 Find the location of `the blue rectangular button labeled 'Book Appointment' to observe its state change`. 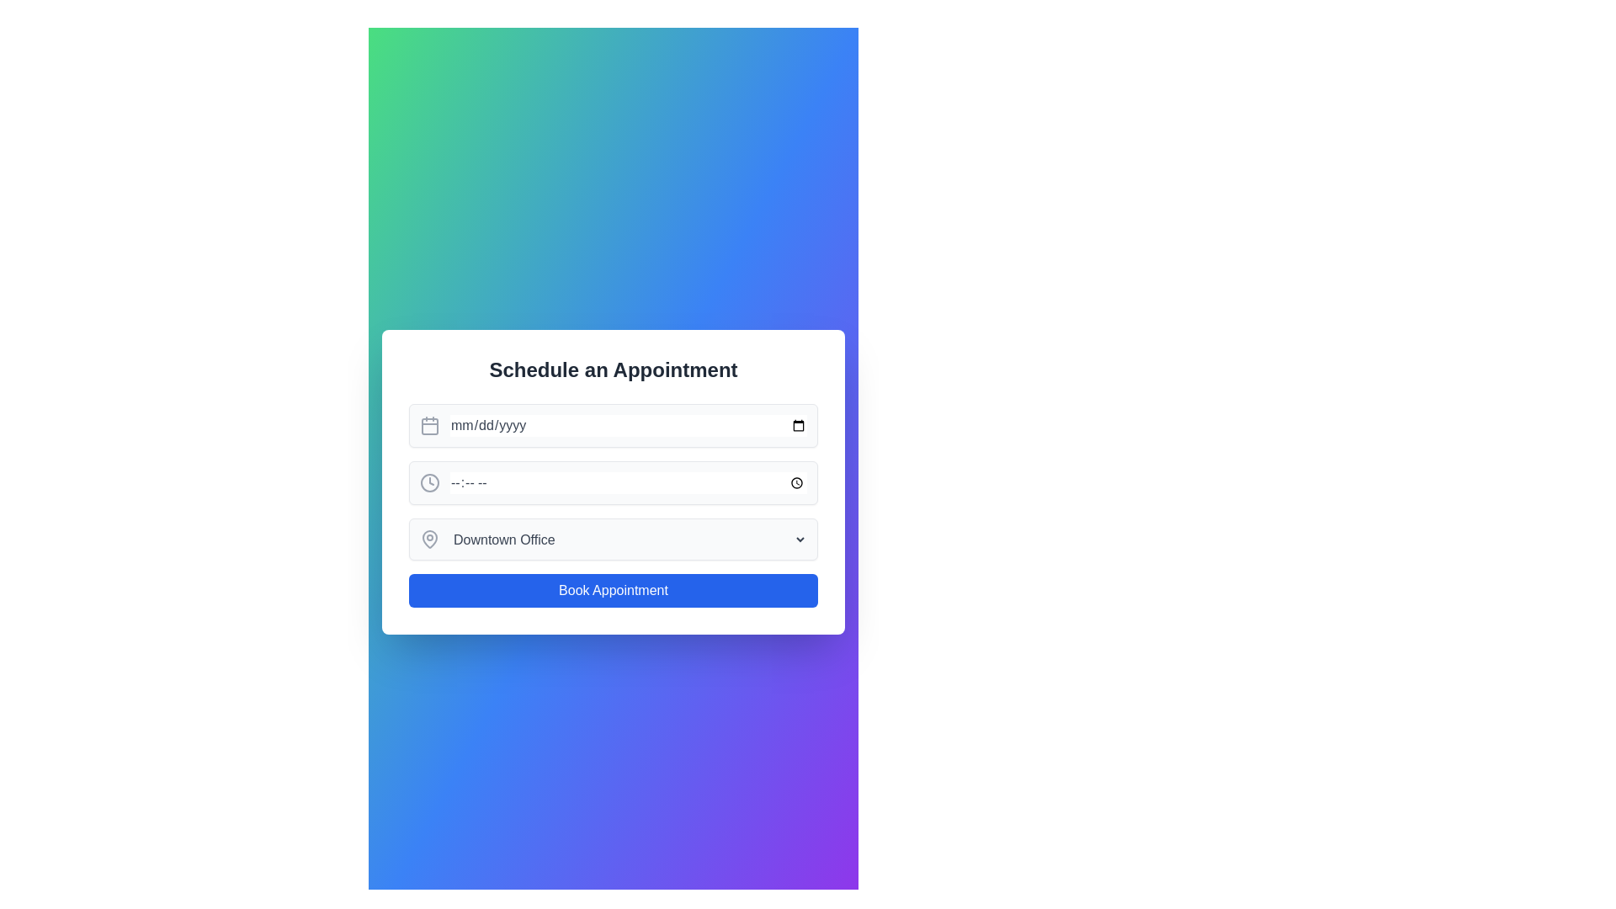

the blue rectangular button labeled 'Book Appointment' to observe its state change is located at coordinates (613, 590).